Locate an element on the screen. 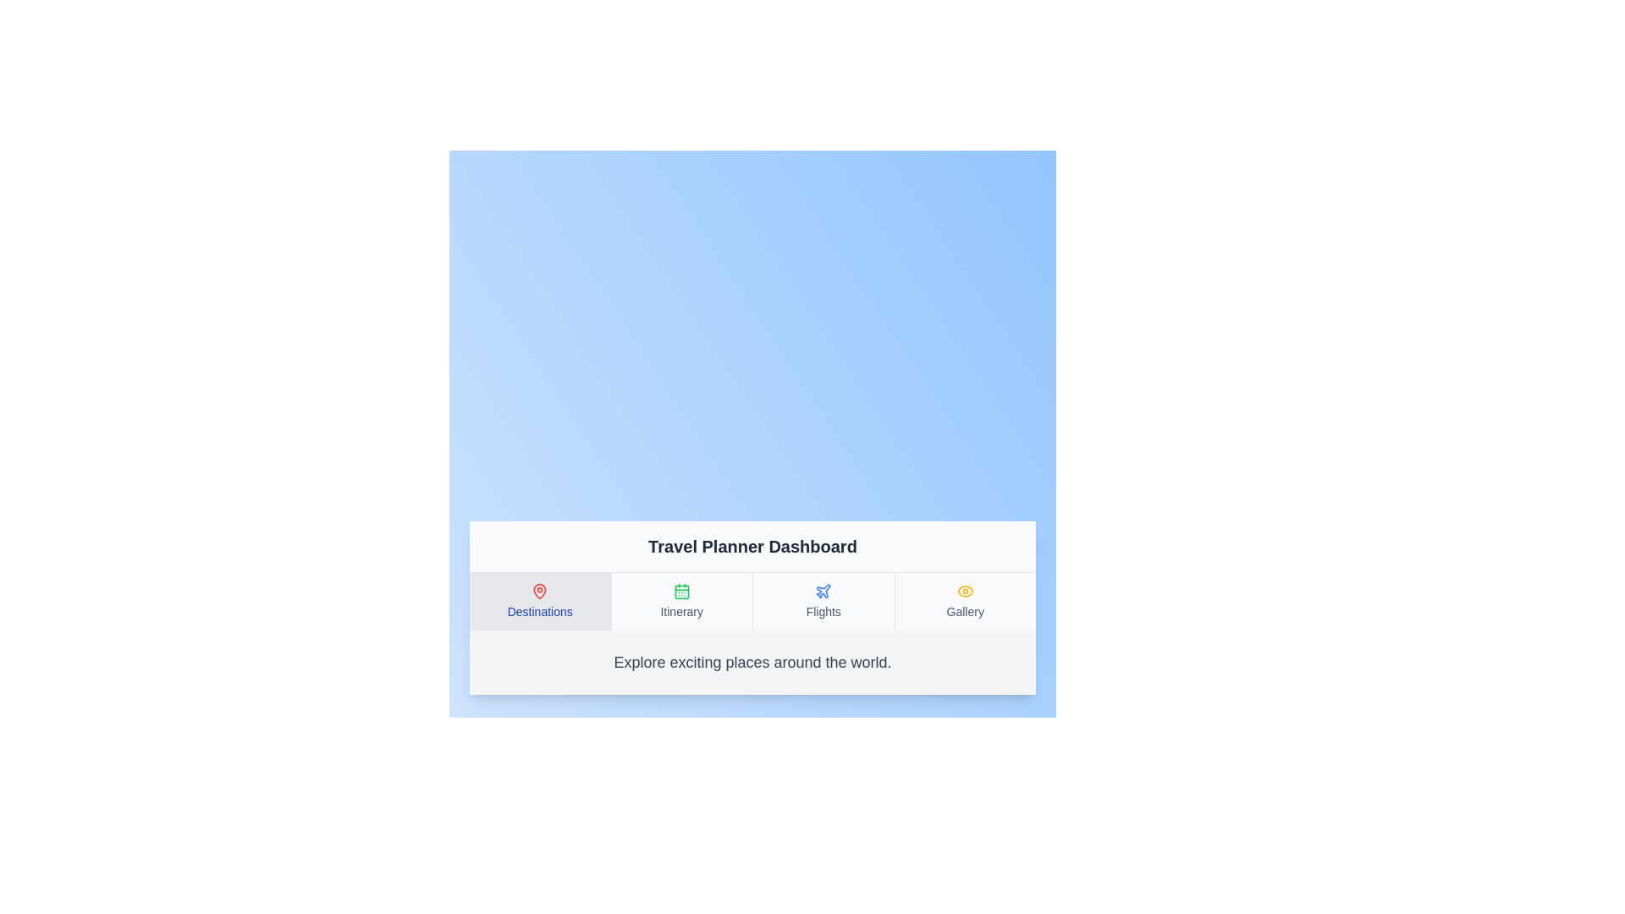 The height and width of the screenshot is (914, 1625). the Header text labeled 'Travel Planner Dashboard', which is the title for the interface and positioned above the navigation options is located at coordinates (752, 546).